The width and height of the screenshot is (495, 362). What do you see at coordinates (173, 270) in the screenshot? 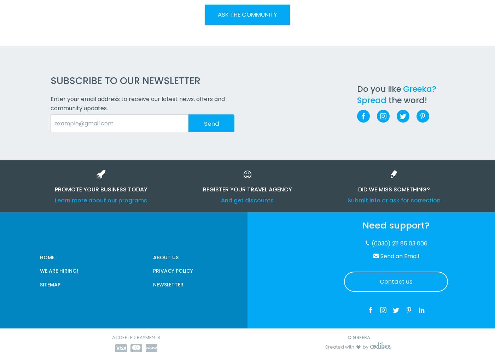
I see `'Privacy Policy'` at bounding box center [173, 270].